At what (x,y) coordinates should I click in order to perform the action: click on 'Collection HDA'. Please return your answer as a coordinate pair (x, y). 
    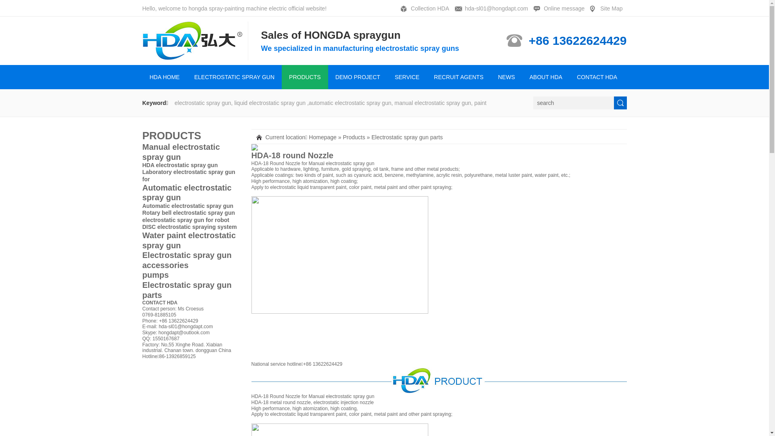
    Looking at the image, I should click on (426, 8).